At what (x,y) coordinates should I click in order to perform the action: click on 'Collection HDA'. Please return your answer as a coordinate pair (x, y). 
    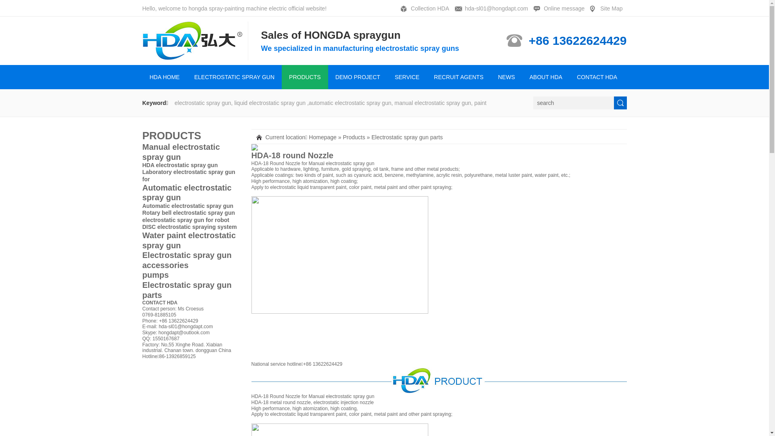
    Looking at the image, I should click on (426, 8).